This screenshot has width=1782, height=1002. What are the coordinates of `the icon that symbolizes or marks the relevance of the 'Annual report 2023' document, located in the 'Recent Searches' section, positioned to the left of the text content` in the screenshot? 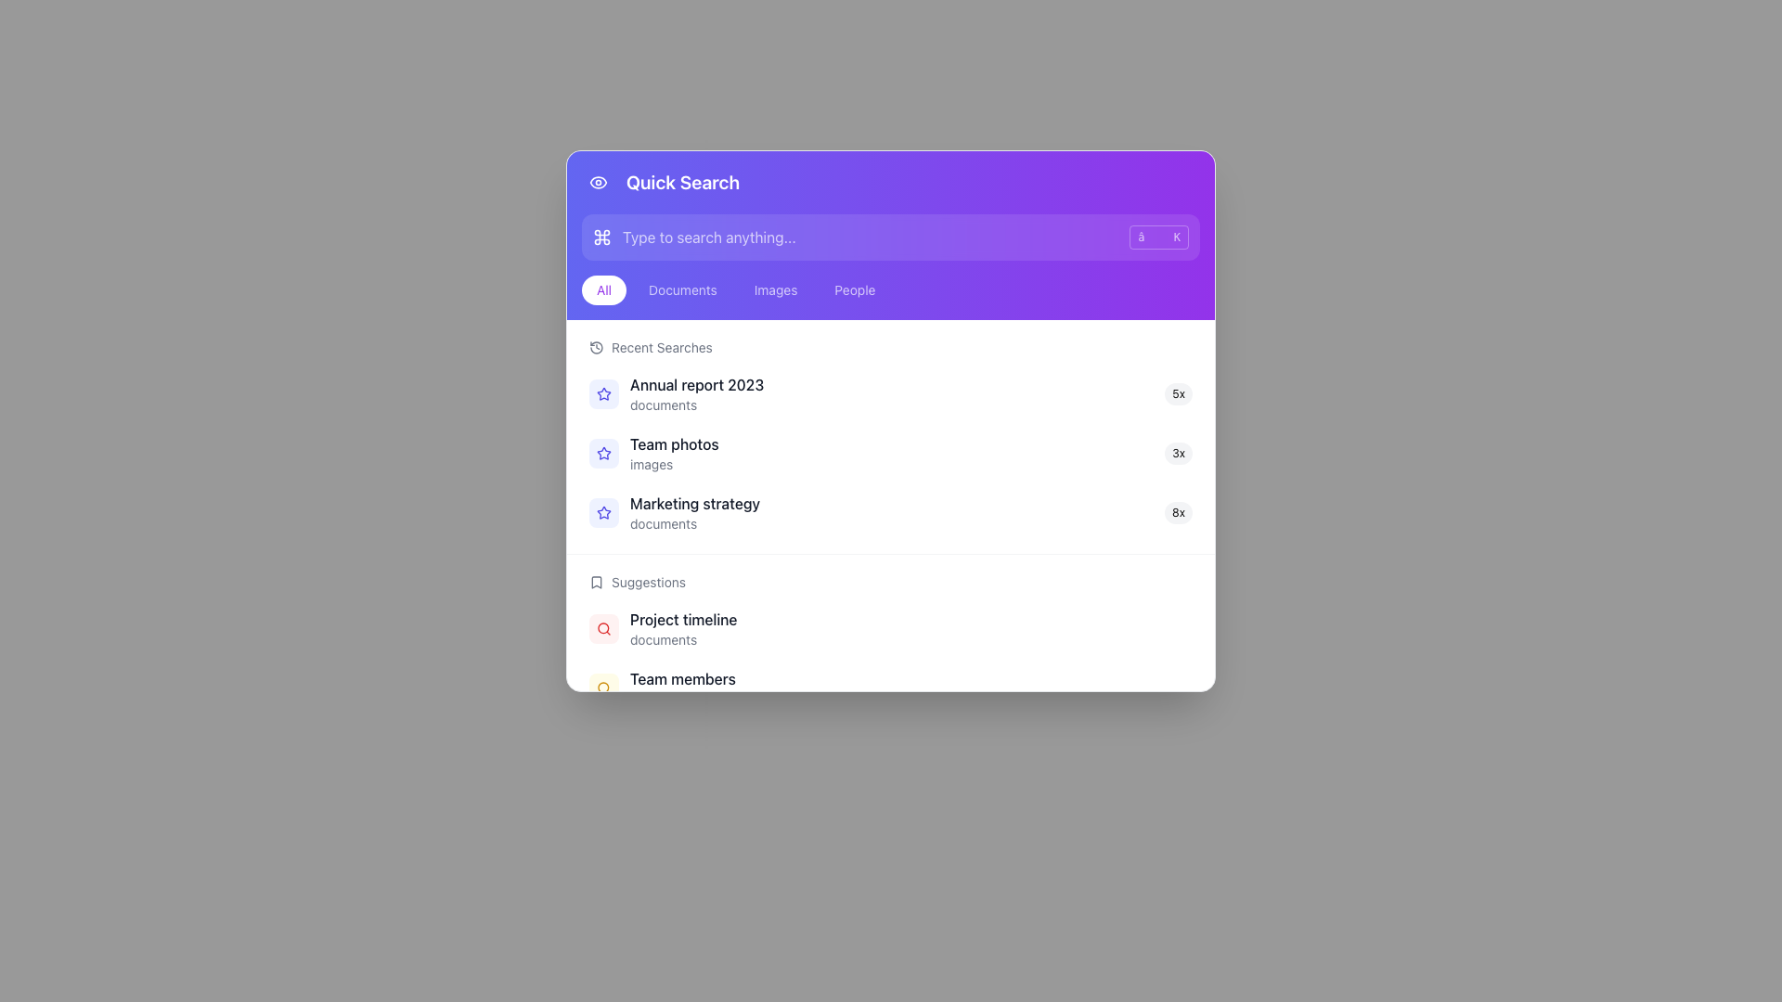 It's located at (604, 392).